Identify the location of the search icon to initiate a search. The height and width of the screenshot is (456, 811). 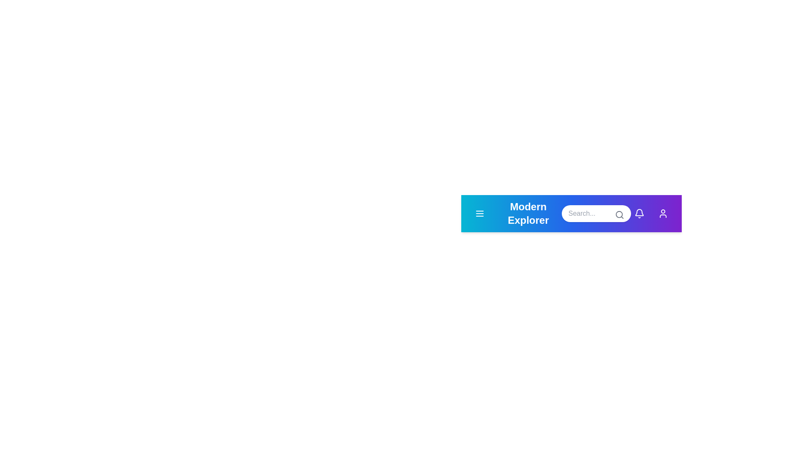
(620, 214).